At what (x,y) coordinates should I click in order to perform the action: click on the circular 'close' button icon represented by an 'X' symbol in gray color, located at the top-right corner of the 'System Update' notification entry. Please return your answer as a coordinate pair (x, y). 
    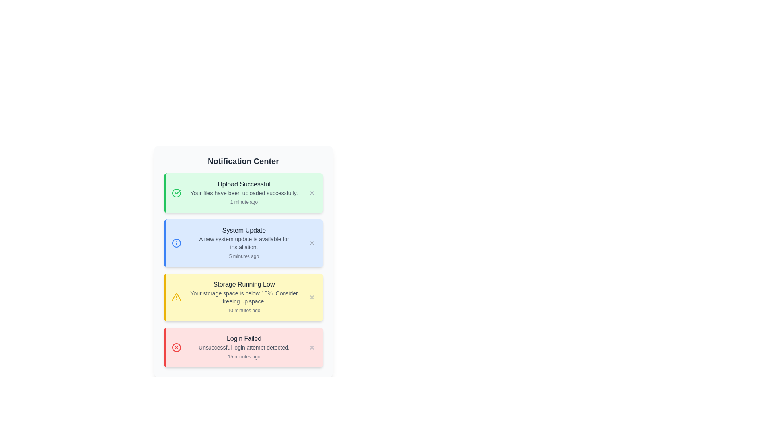
    Looking at the image, I should click on (311, 242).